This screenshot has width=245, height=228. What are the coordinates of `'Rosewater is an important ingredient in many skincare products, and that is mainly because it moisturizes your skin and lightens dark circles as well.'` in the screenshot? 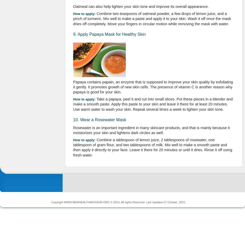 It's located at (73, 130).